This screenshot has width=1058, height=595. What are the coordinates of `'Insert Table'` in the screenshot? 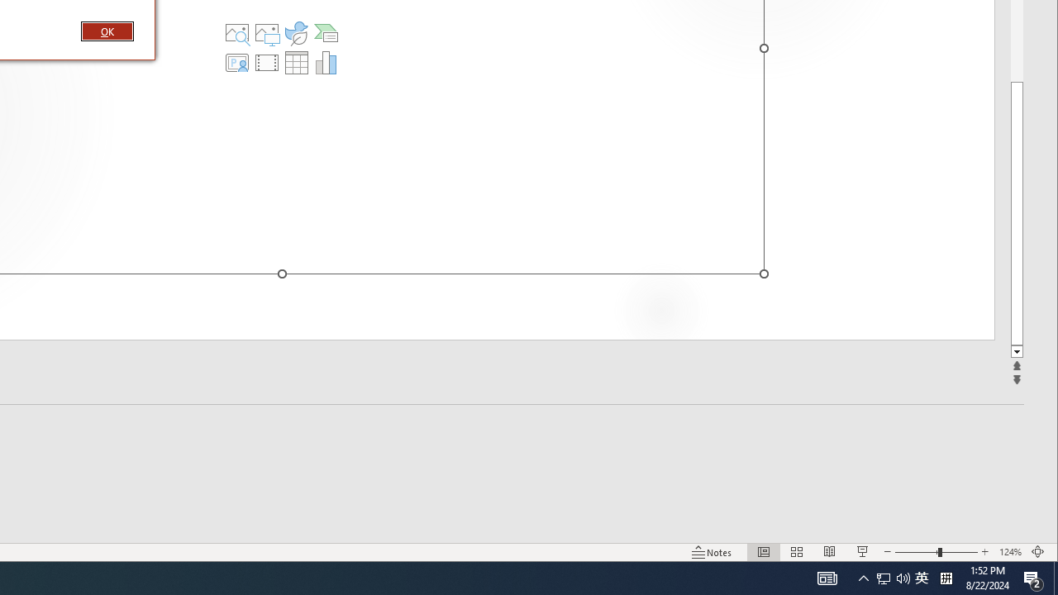 It's located at (297, 61).